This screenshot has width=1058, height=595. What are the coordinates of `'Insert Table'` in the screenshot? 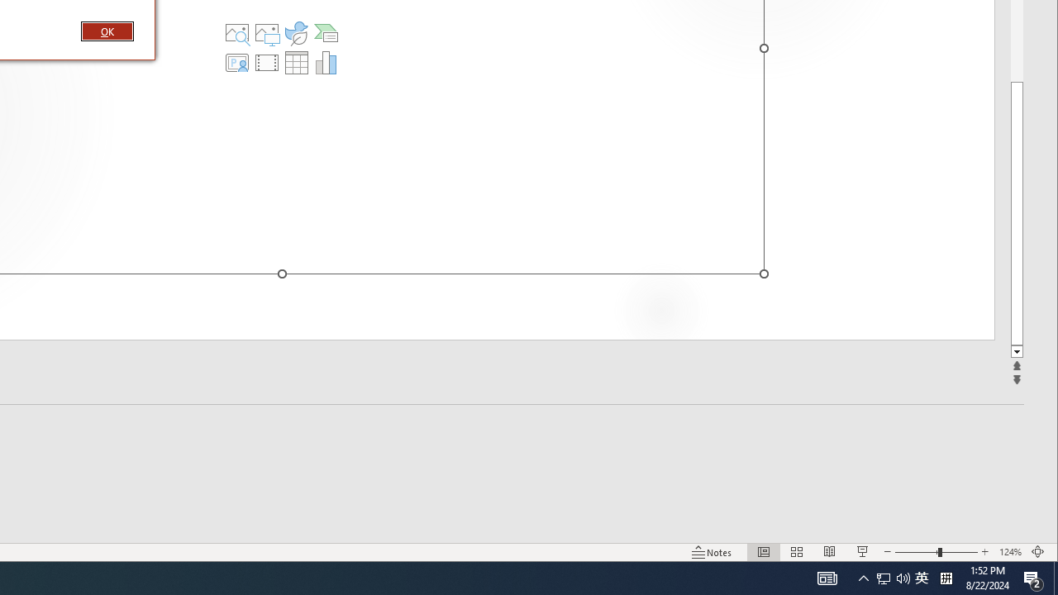 It's located at (297, 61).